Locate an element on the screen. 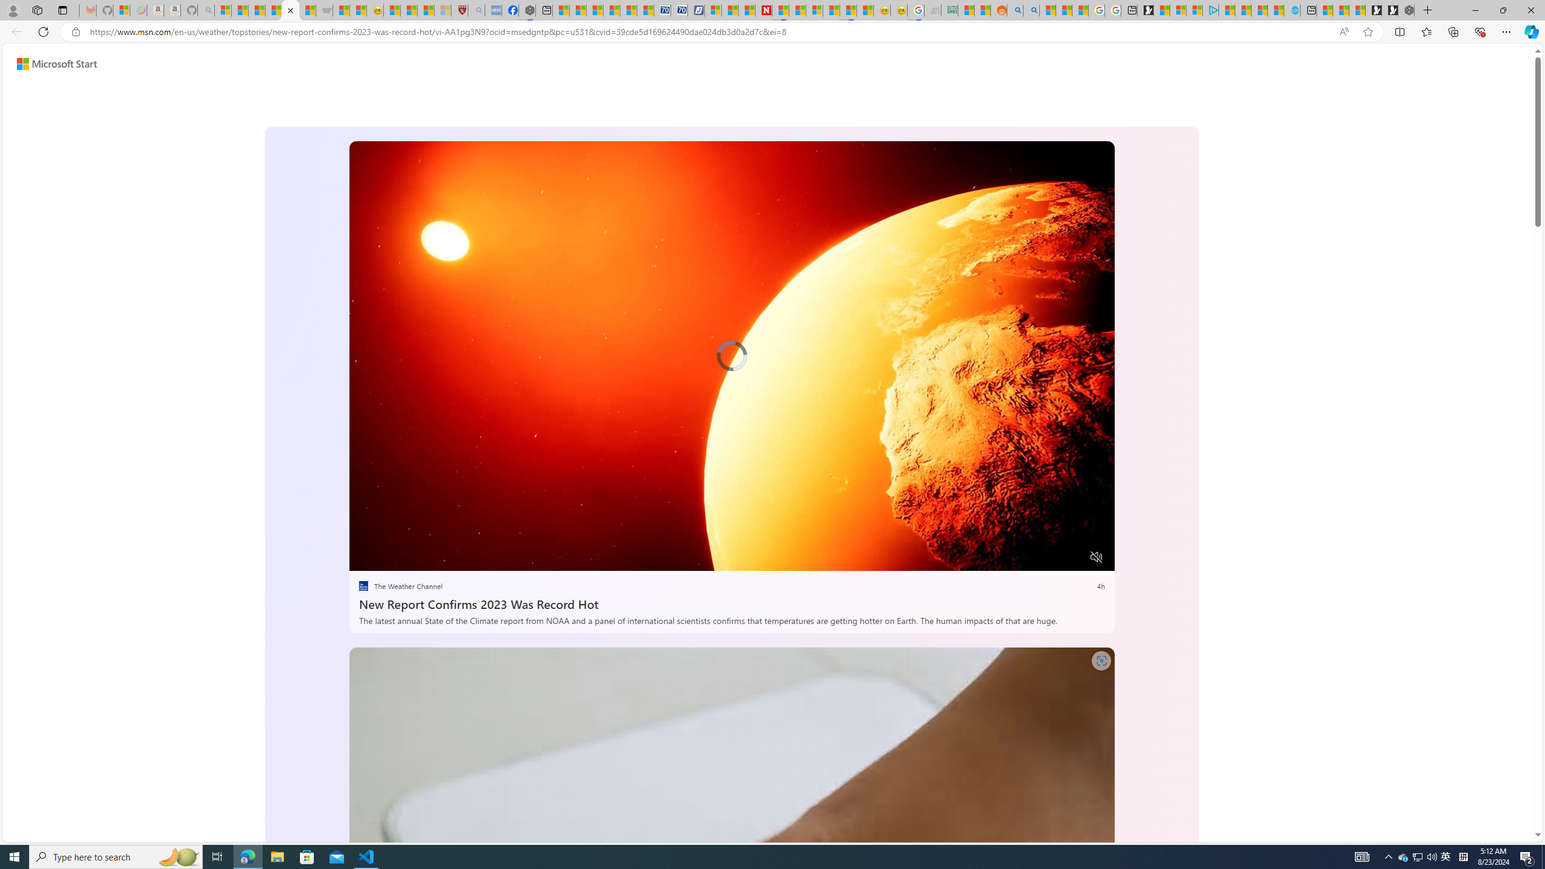  'The Weather Channel - MSN' is located at coordinates (255, 10).